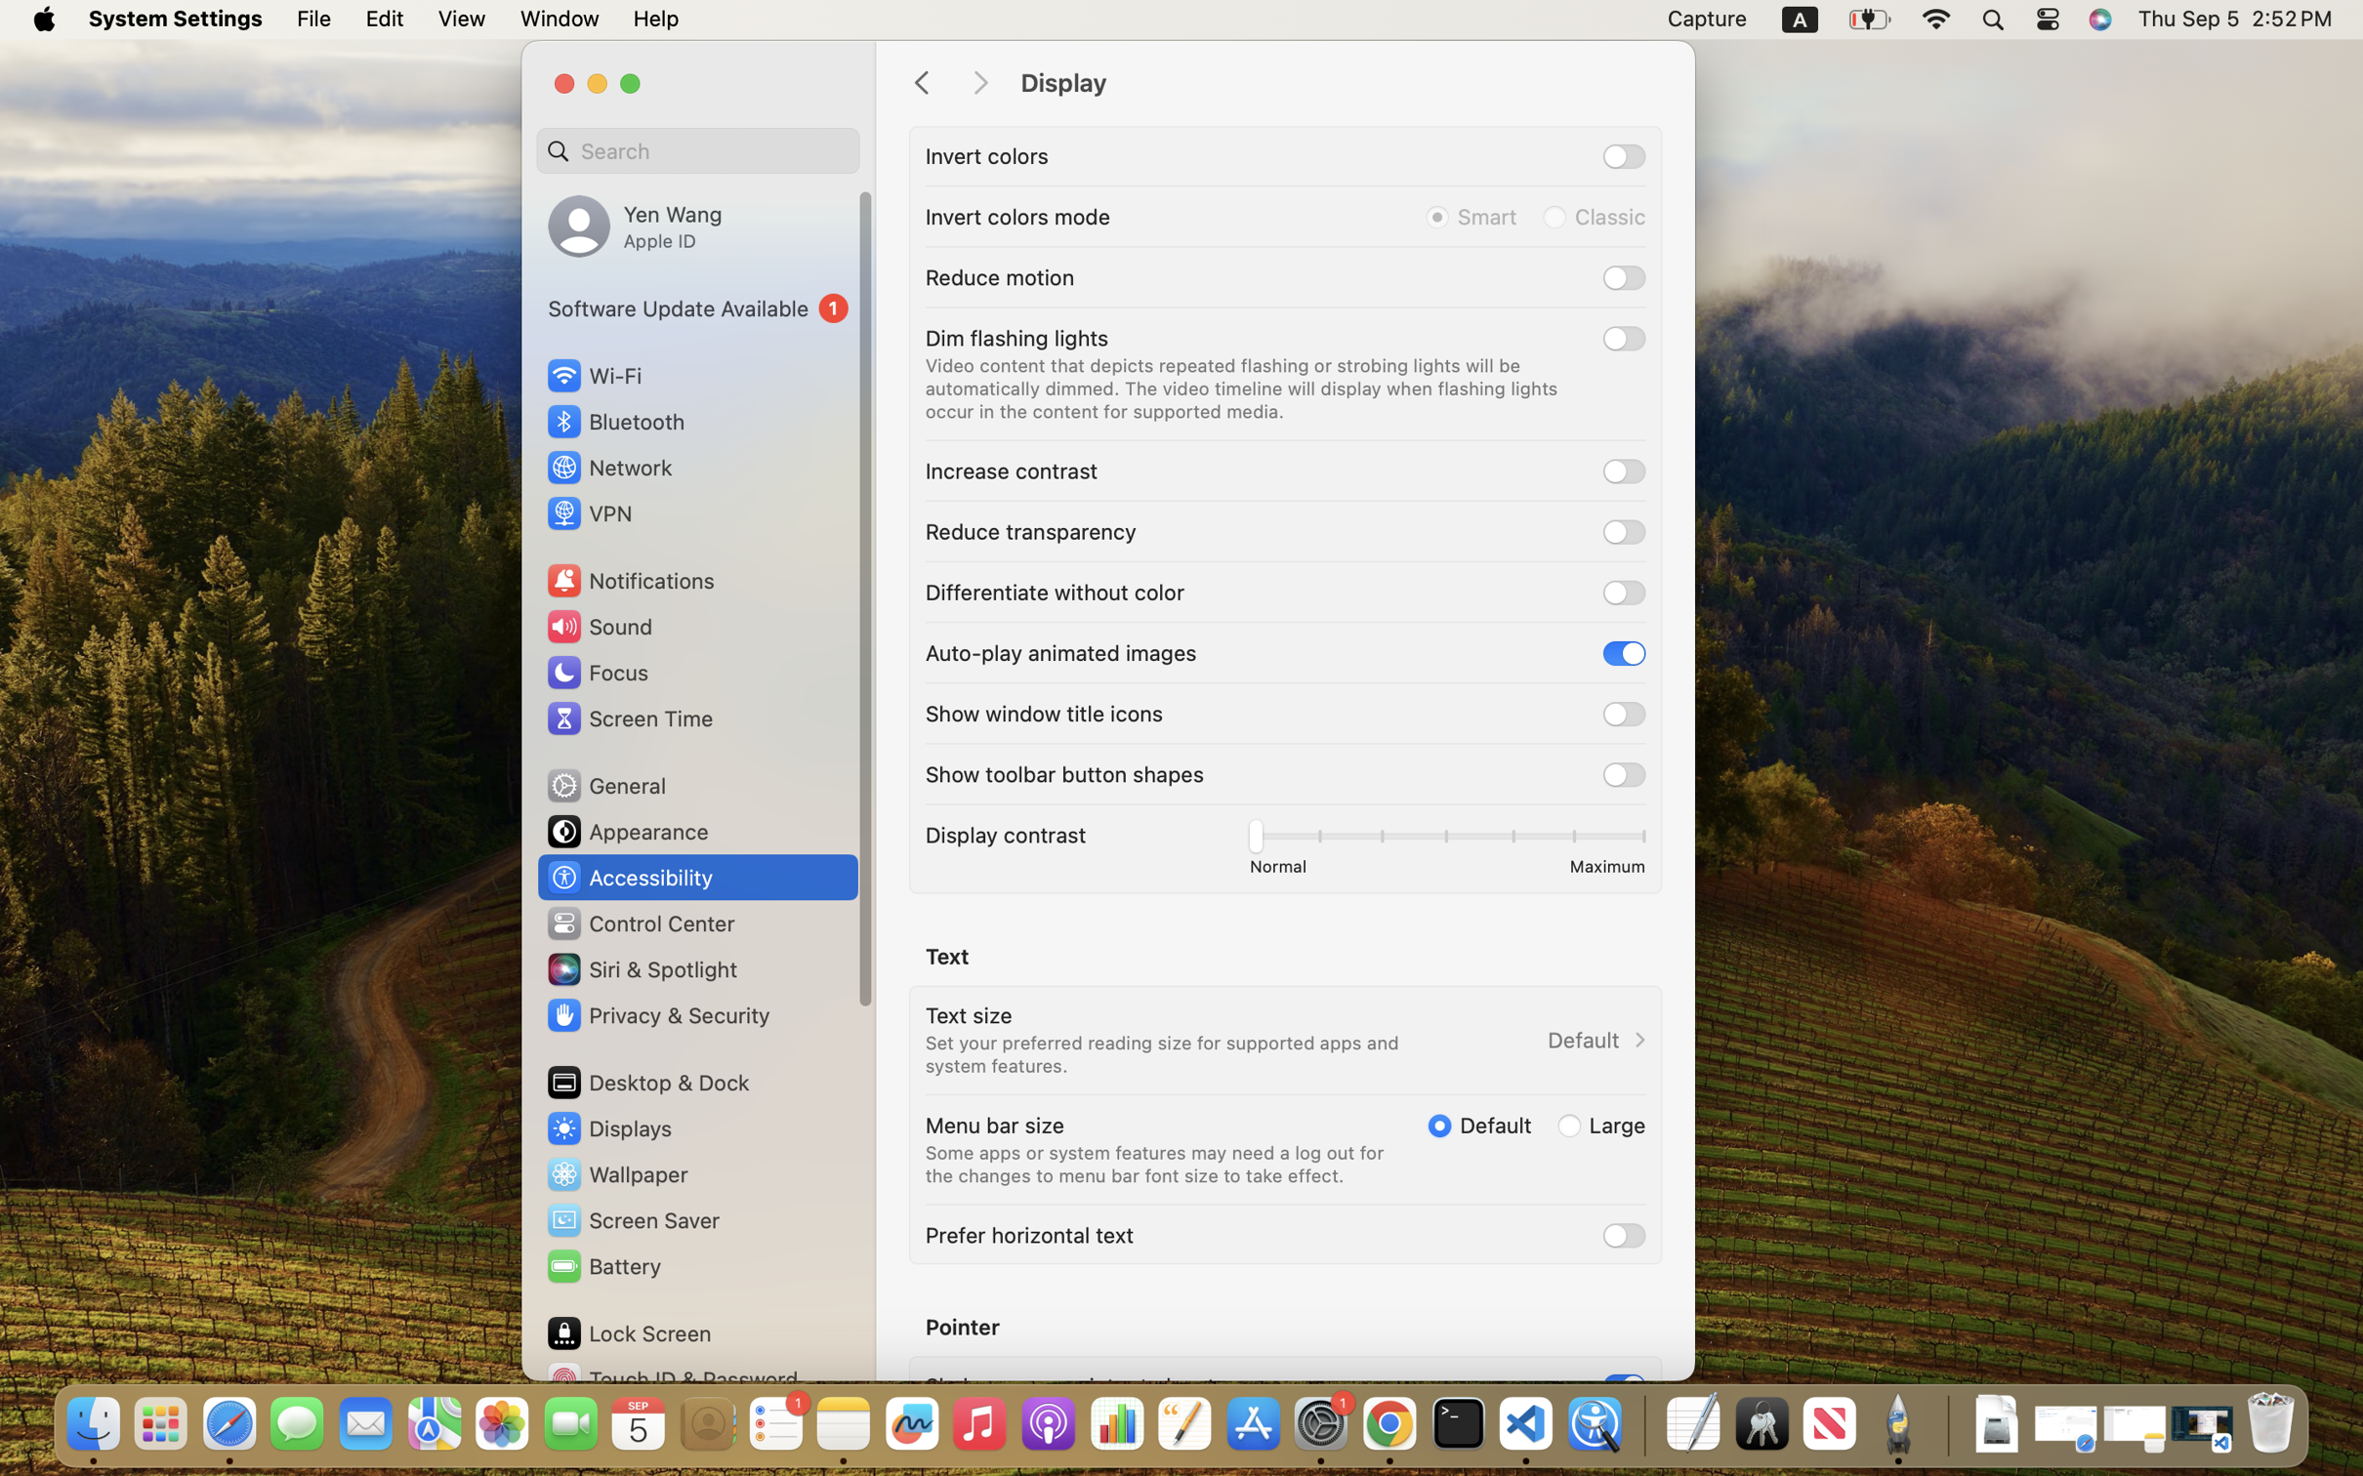 The image size is (2363, 1476). I want to click on 'Notifications', so click(629, 579).